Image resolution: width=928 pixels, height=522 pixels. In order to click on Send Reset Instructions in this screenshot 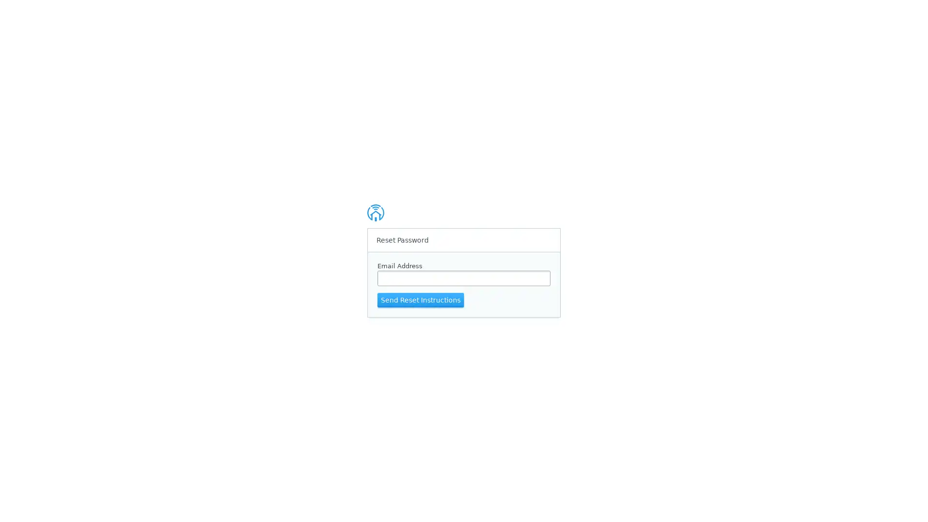, I will do `click(420, 299)`.